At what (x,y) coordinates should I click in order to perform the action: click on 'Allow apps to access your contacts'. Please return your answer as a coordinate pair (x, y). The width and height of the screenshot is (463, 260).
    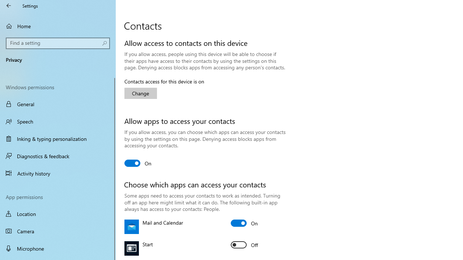
    Looking at the image, I should click on (138, 163).